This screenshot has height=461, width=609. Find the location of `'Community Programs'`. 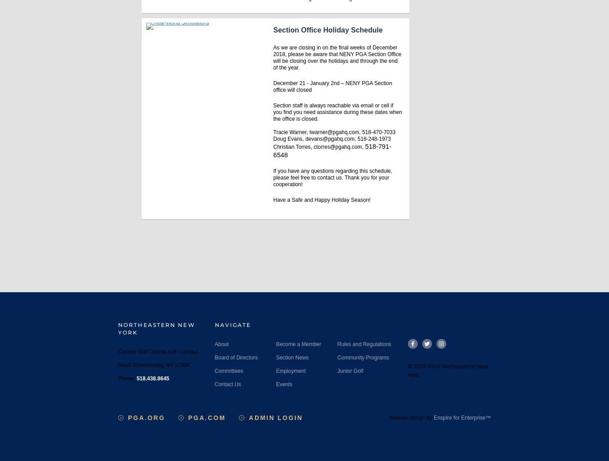

'Community Programs' is located at coordinates (337, 357).